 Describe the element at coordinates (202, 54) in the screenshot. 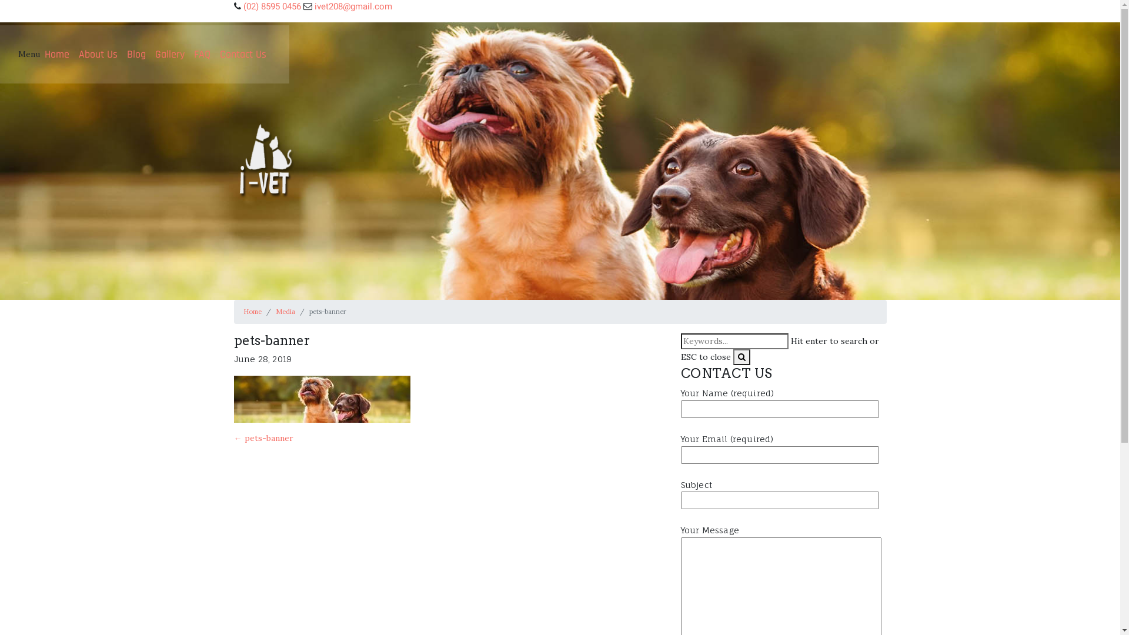

I see `'FAQ'` at that location.